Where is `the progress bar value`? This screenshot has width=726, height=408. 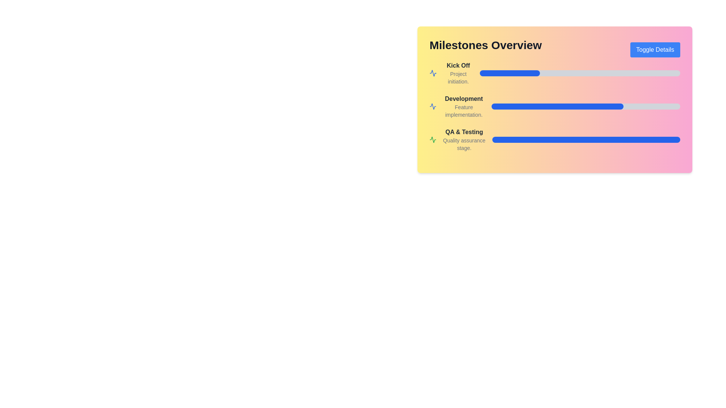 the progress bar value is located at coordinates (588, 140).